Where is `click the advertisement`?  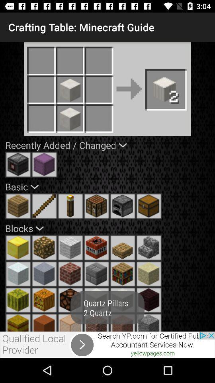 click the advertisement is located at coordinates (107, 344).